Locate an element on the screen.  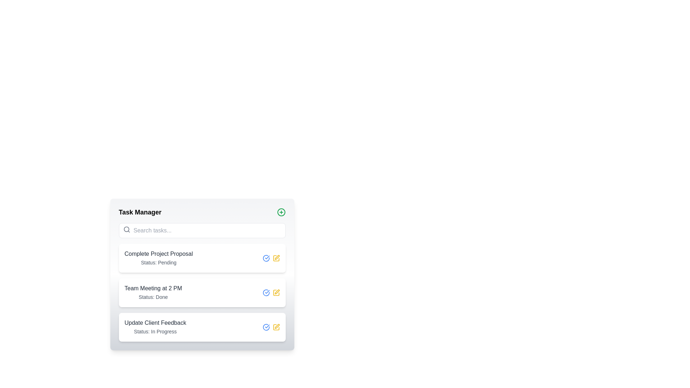
the yellow pen icon located on the far right of the 'Update Client Feedback' row to initiate editing is located at coordinates (277, 326).